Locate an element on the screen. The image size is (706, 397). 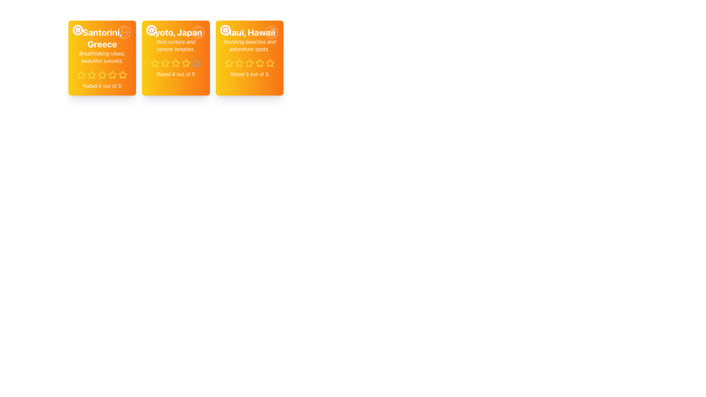
the circular element located within the globe icon in the top-left card of the grid layout is located at coordinates (124, 32).